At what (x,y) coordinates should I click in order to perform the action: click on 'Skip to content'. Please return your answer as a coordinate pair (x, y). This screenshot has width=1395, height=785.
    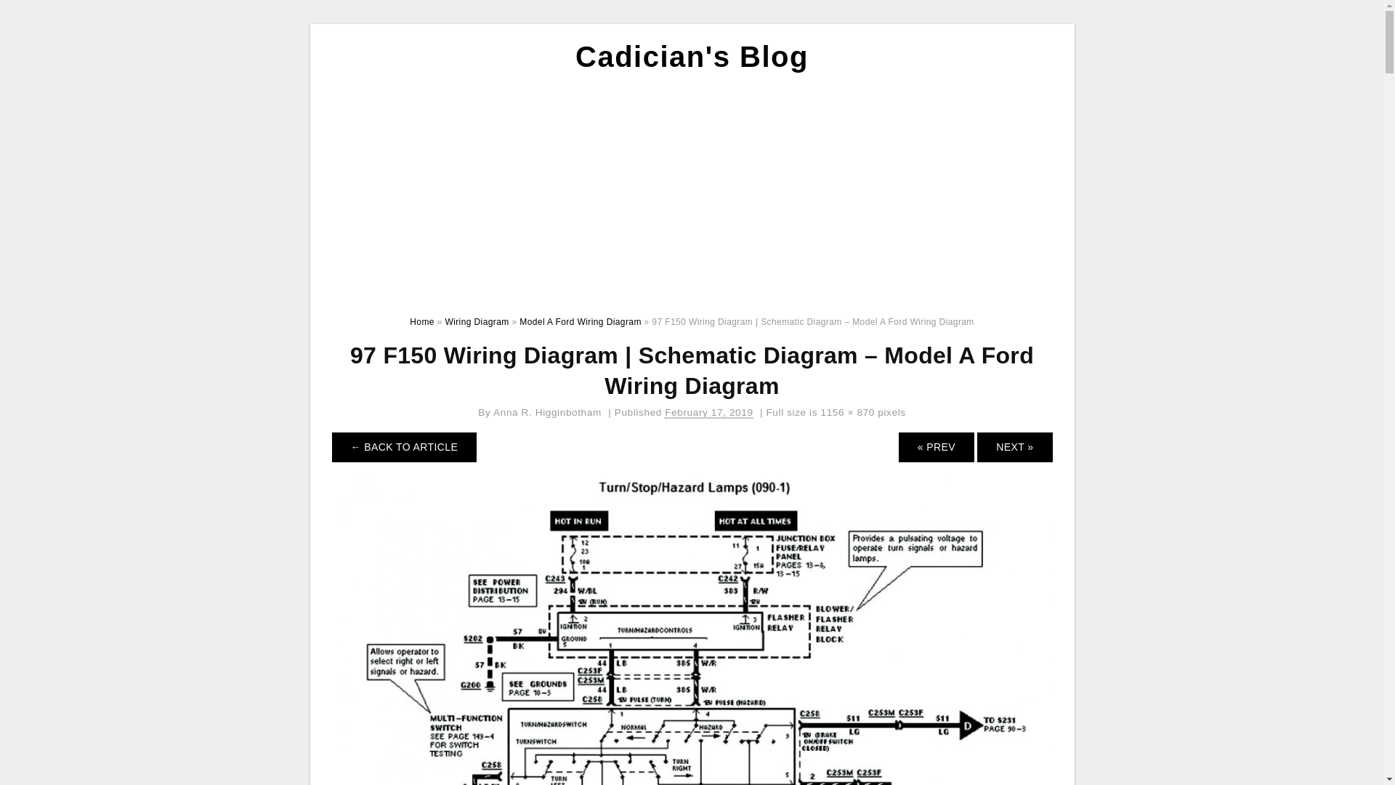
    Looking at the image, I should click on (319, 23).